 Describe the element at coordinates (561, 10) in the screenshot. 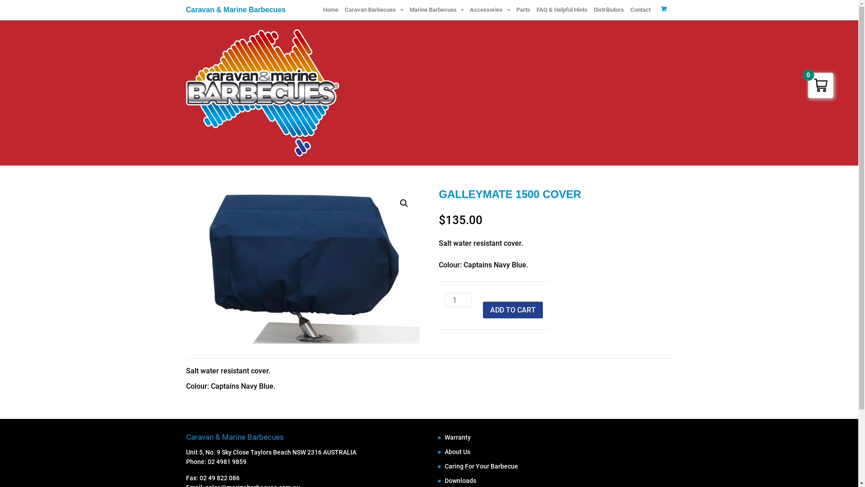

I see `'FAQ & Helpful Hints'` at that location.